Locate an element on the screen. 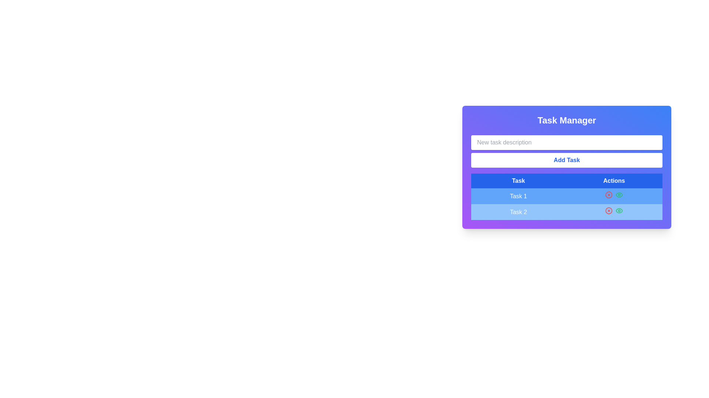  the visibility toggle icon button located in the 'Actions' column of the second row ('Task 2') is located at coordinates (619, 210).